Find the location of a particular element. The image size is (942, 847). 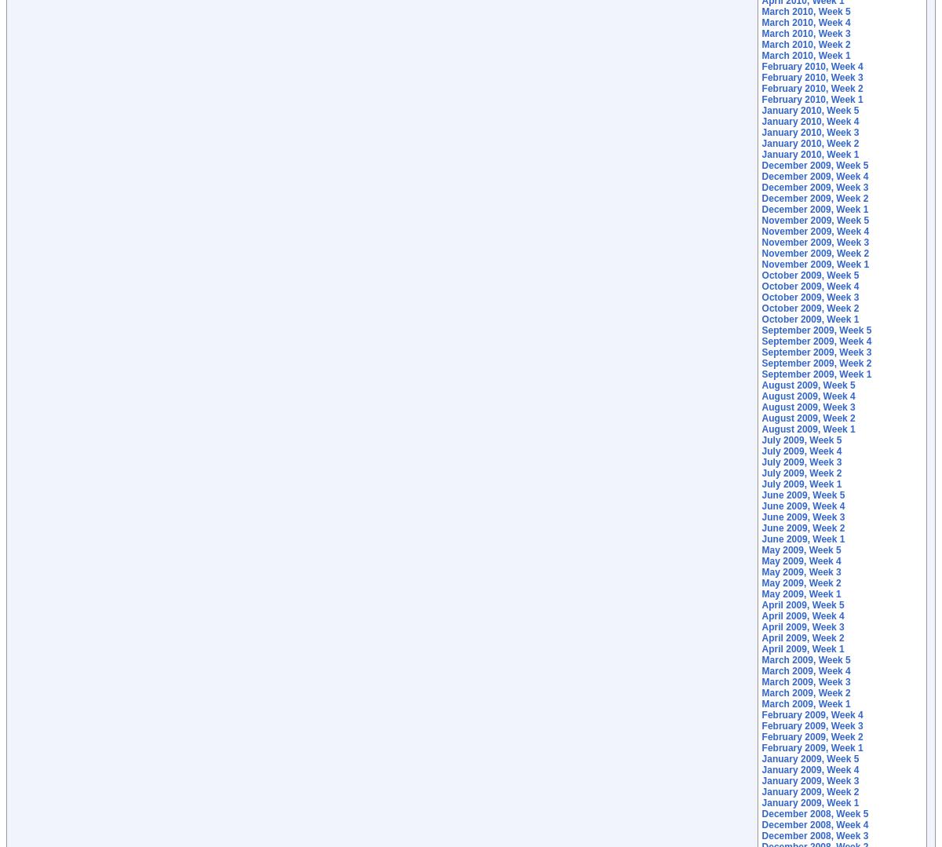

'January 2010, Week 3' is located at coordinates (810, 132).